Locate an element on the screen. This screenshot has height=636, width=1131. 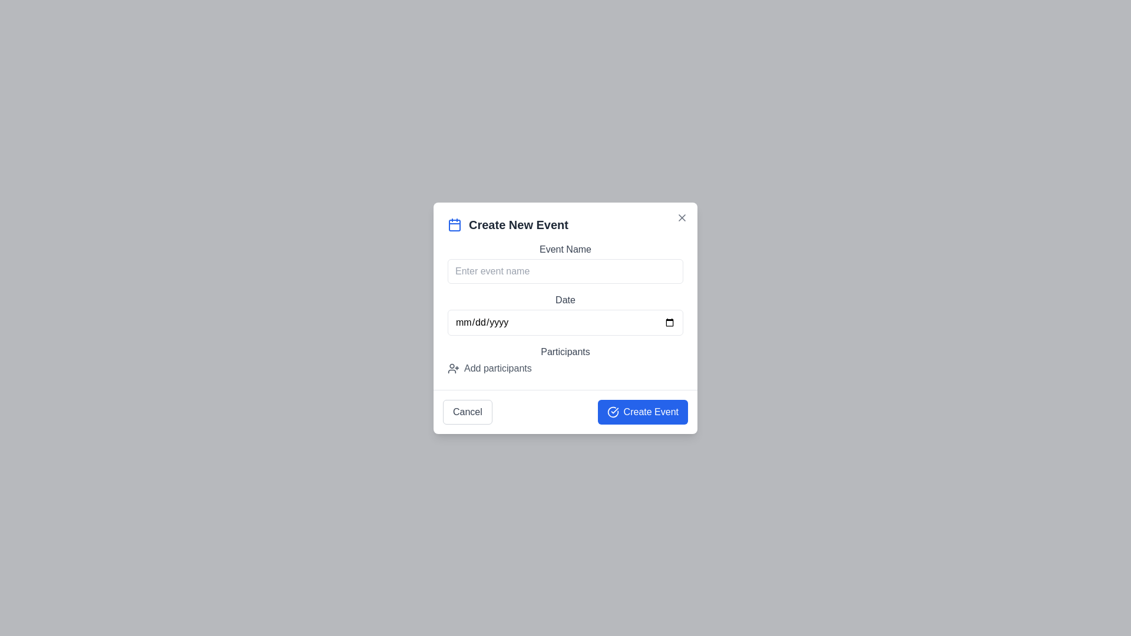
the 'Date' label, which is displayed in a medium-weighted gray font and positioned centrally above the date input field is located at coordinates (565, 299).